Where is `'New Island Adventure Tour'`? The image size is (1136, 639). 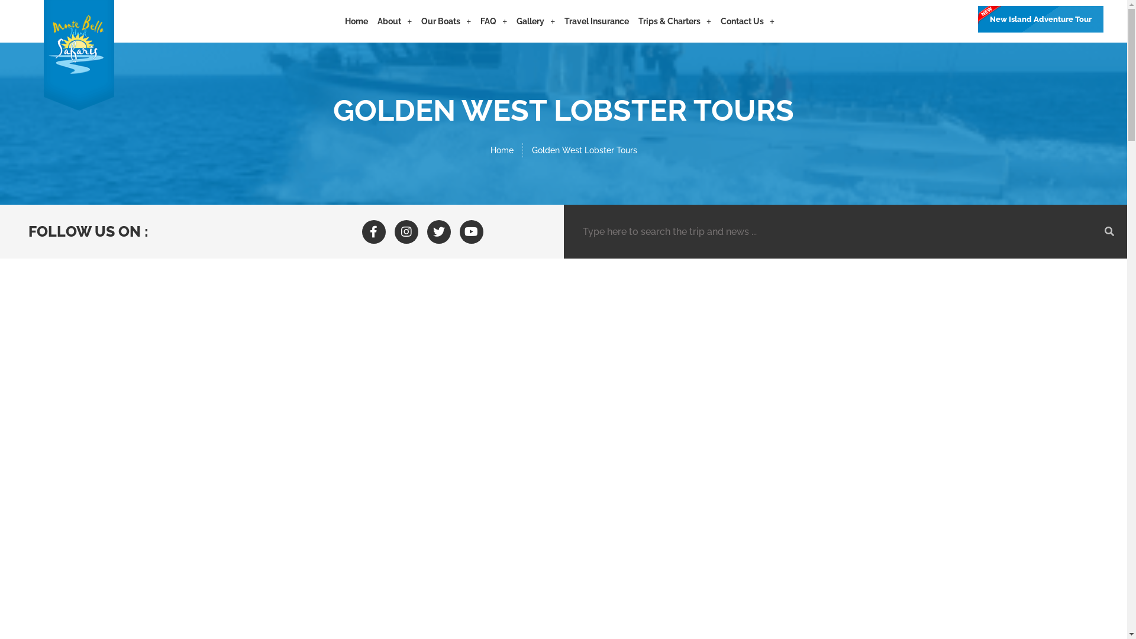
'New Island Adventure Tour' is located at coordinates (1040, 19).